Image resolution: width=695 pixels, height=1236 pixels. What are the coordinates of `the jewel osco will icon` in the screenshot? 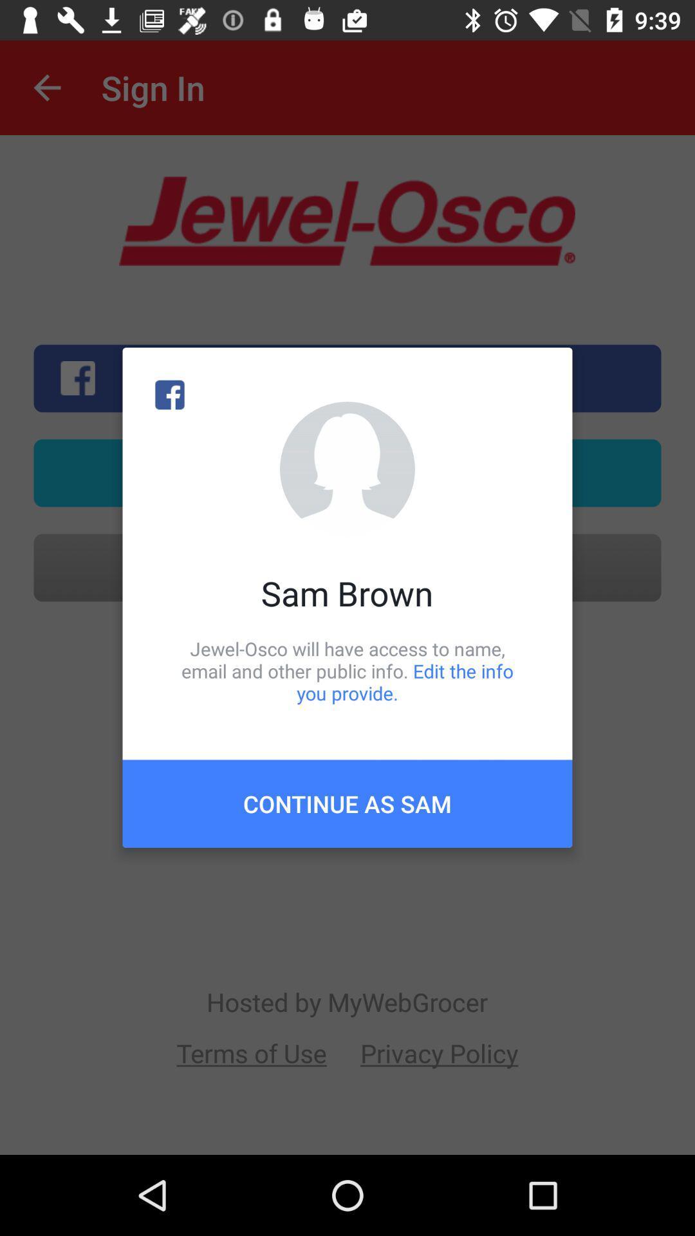 It's located at (347, 670).